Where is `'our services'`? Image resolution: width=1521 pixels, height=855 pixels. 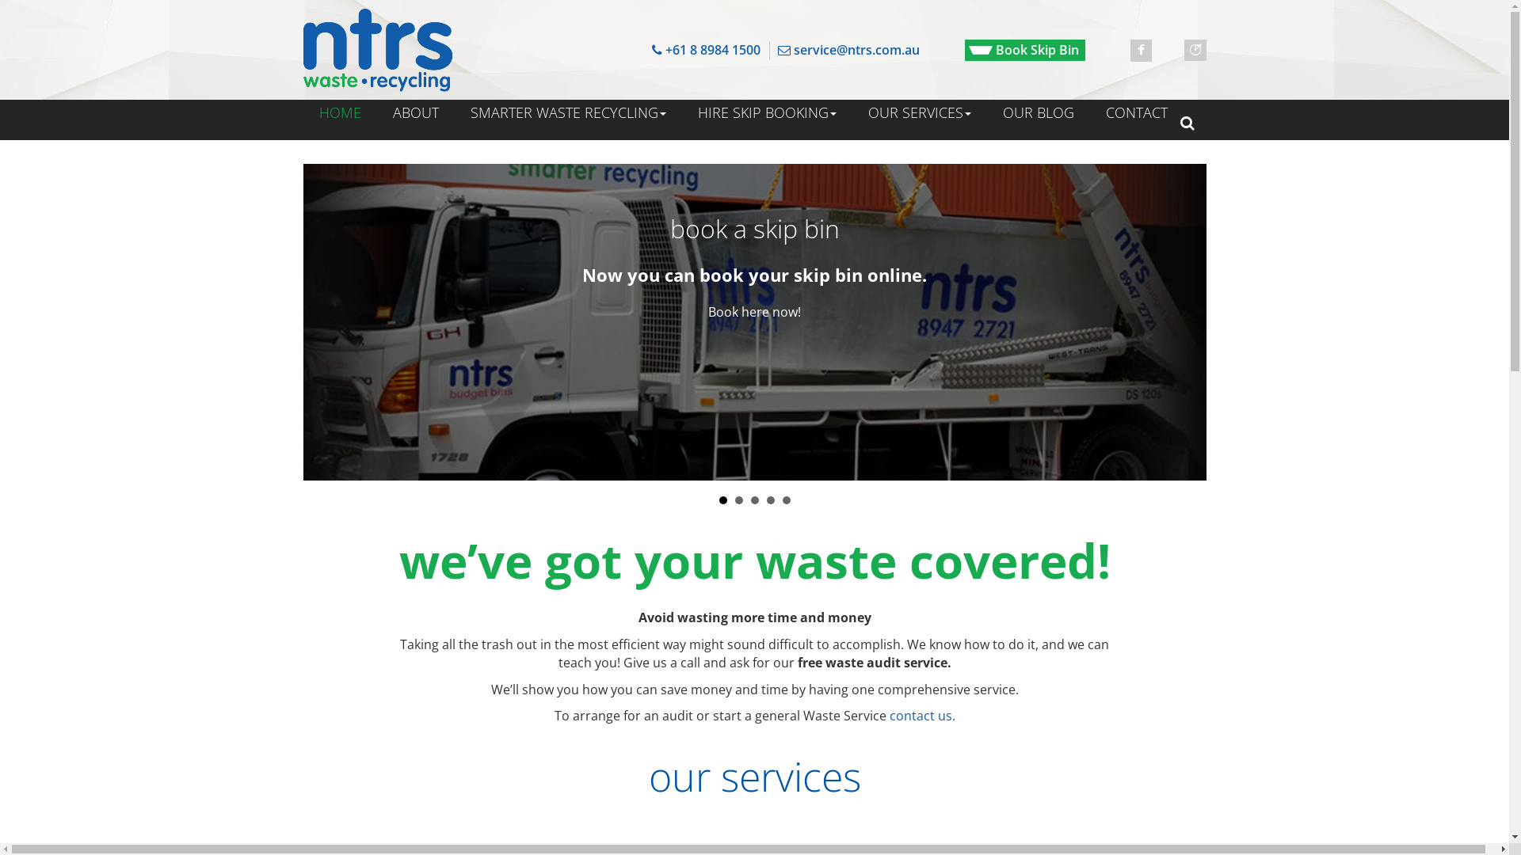 'our services' is located at coordinates (753, 775).